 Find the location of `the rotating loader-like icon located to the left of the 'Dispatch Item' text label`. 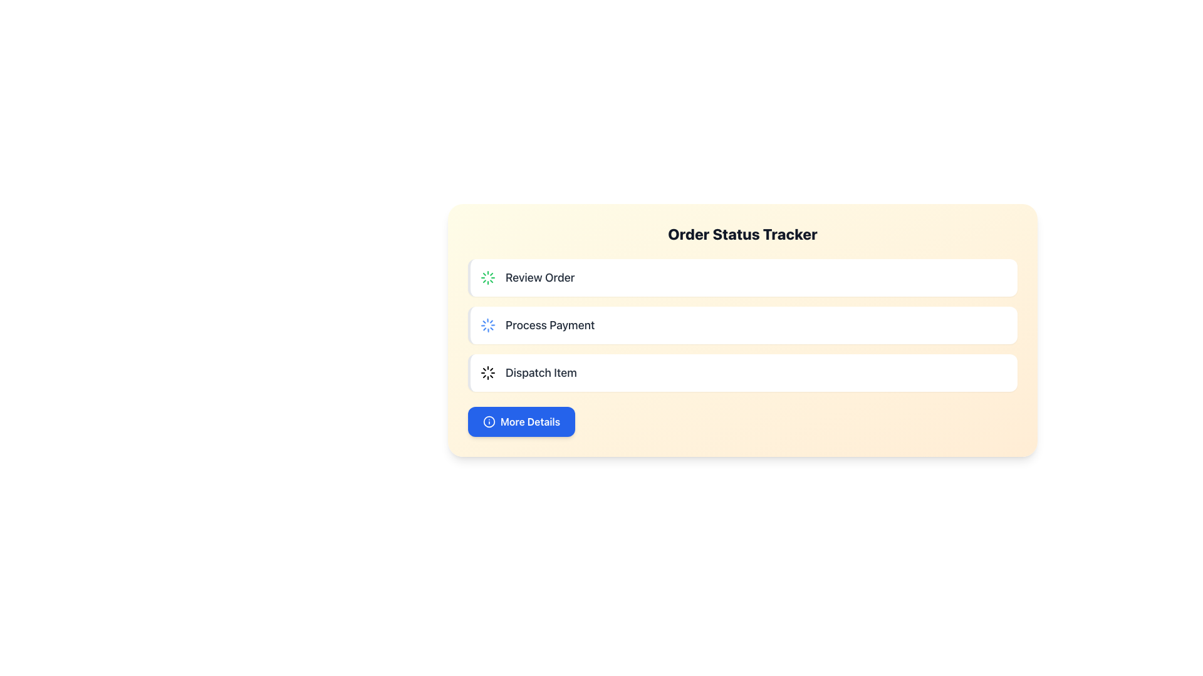

the rotating loader-like icon located to the left of the 'Dispatch Item' text label is located at coordinates (487, 372).